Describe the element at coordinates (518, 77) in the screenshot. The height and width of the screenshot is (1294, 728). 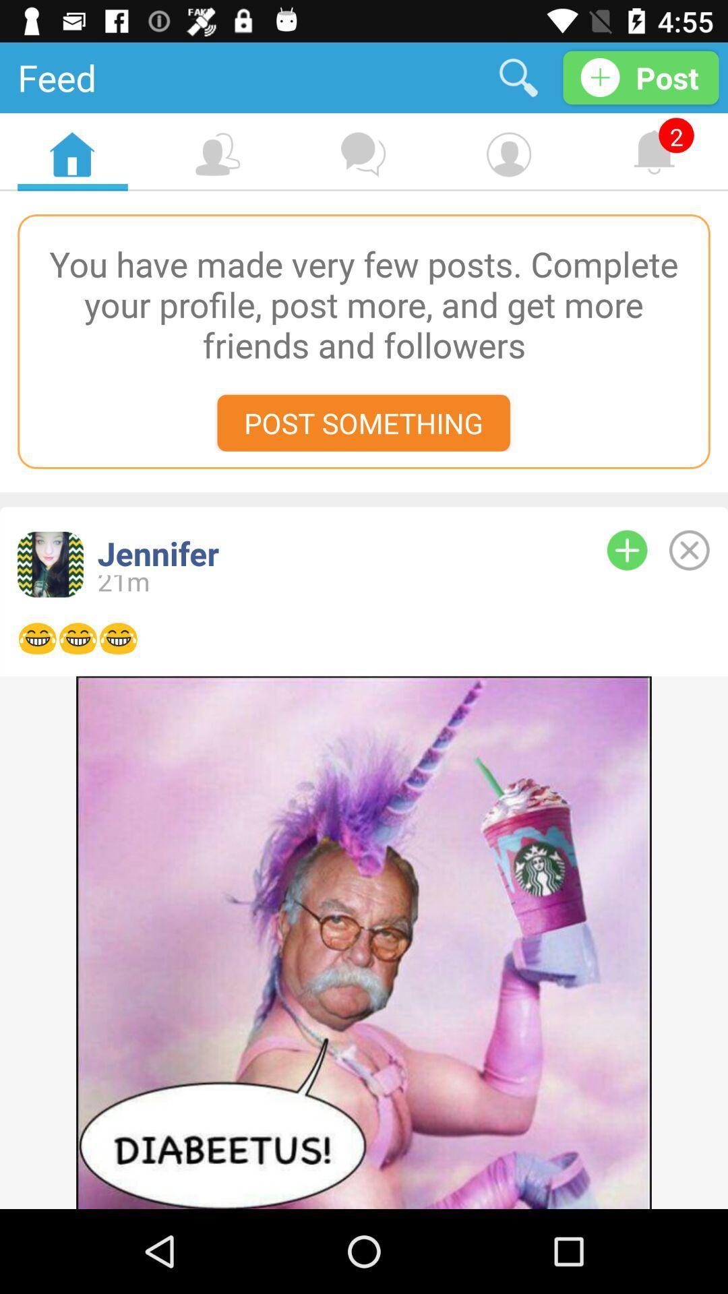
I see `item next to feed icon` at that location.